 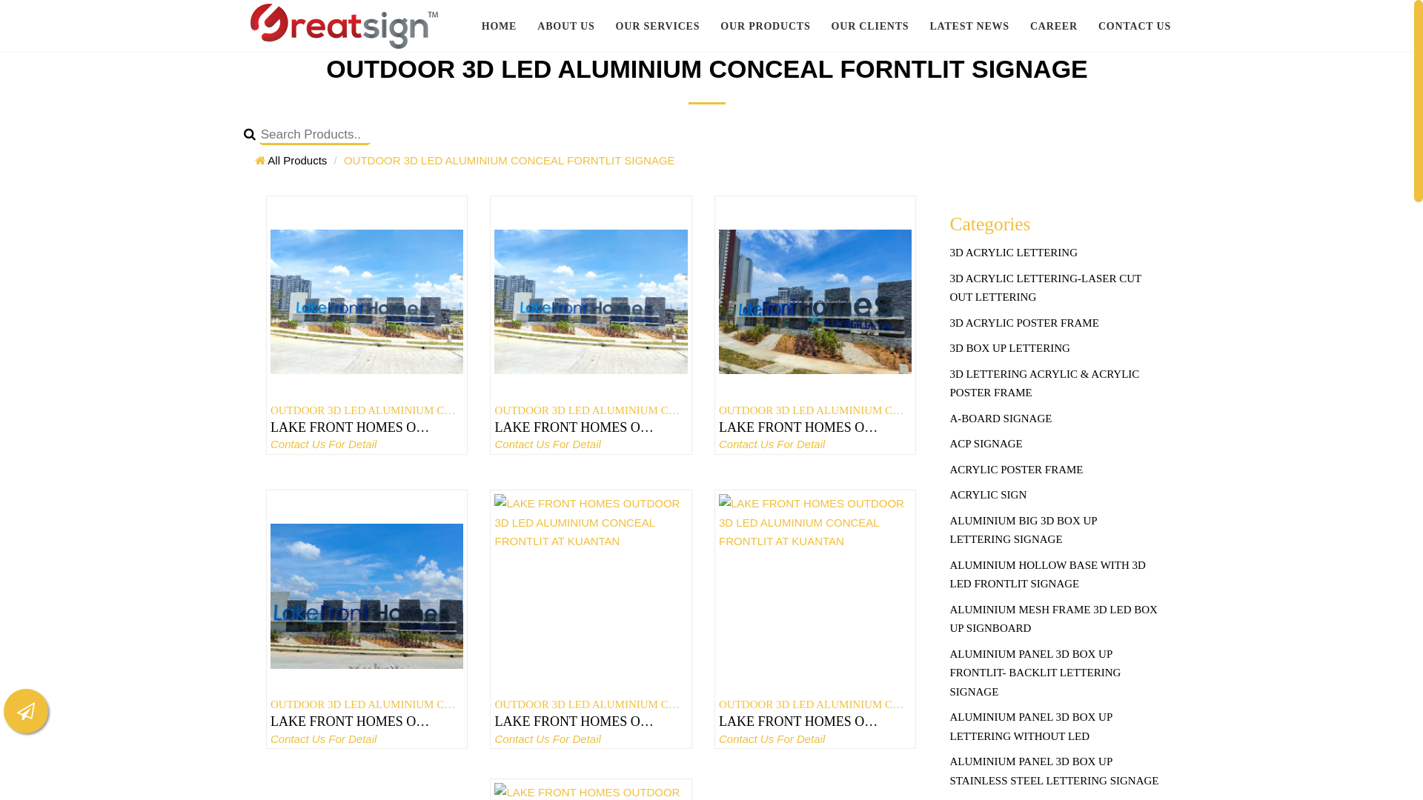 I want to click on 'LATEST NEWS', so click(x=969, y=26).